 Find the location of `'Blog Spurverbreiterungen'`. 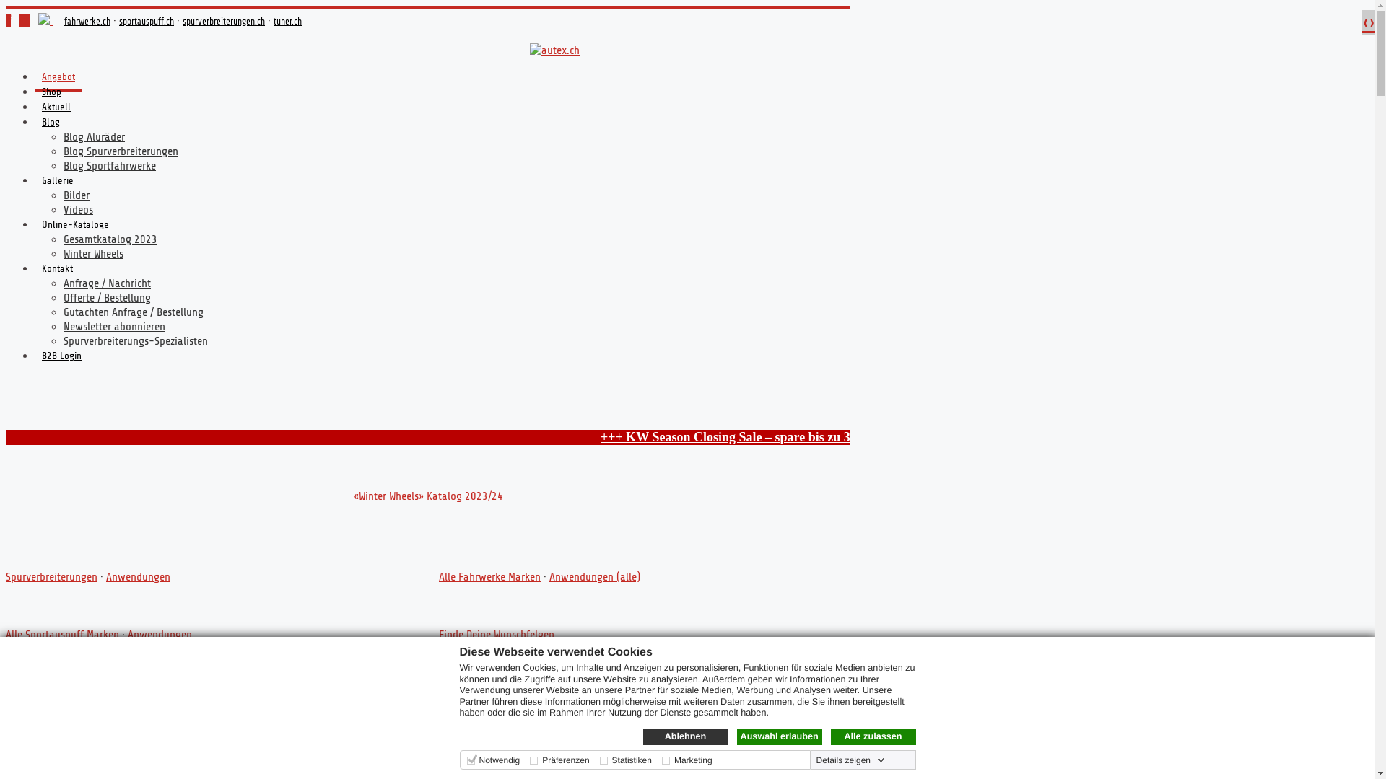

'Blog Spurverbreiterungen' is located at coordinates (121, 151).